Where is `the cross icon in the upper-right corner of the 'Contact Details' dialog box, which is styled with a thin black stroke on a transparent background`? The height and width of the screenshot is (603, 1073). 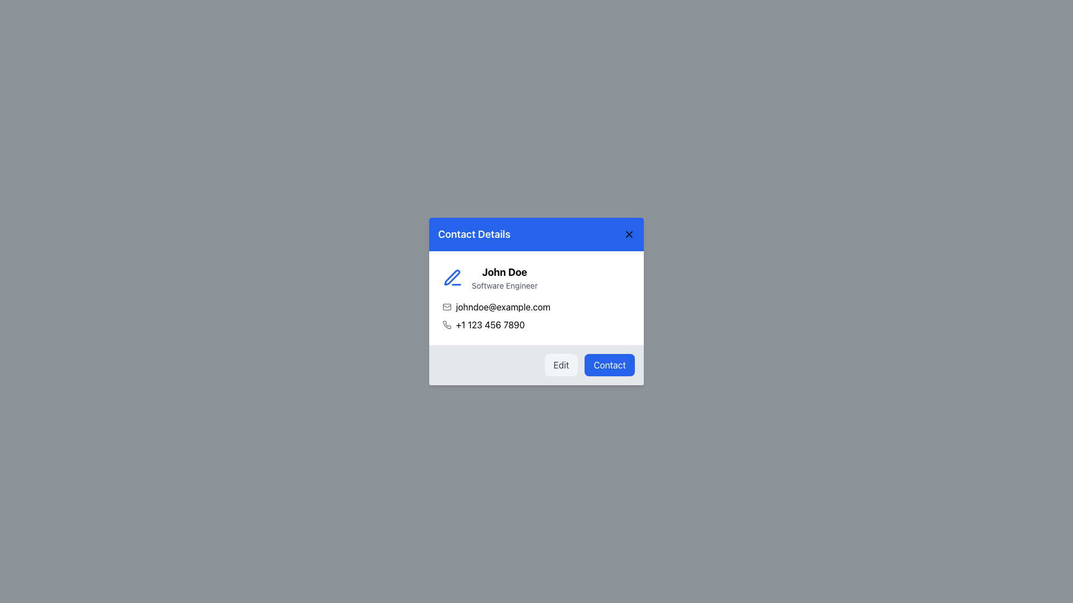 the cross icon in the upper-right corner of the 'Contact Details' dialog box, which is styled with a thin black stroke on a transparent background is located at coordinates (629, 234).